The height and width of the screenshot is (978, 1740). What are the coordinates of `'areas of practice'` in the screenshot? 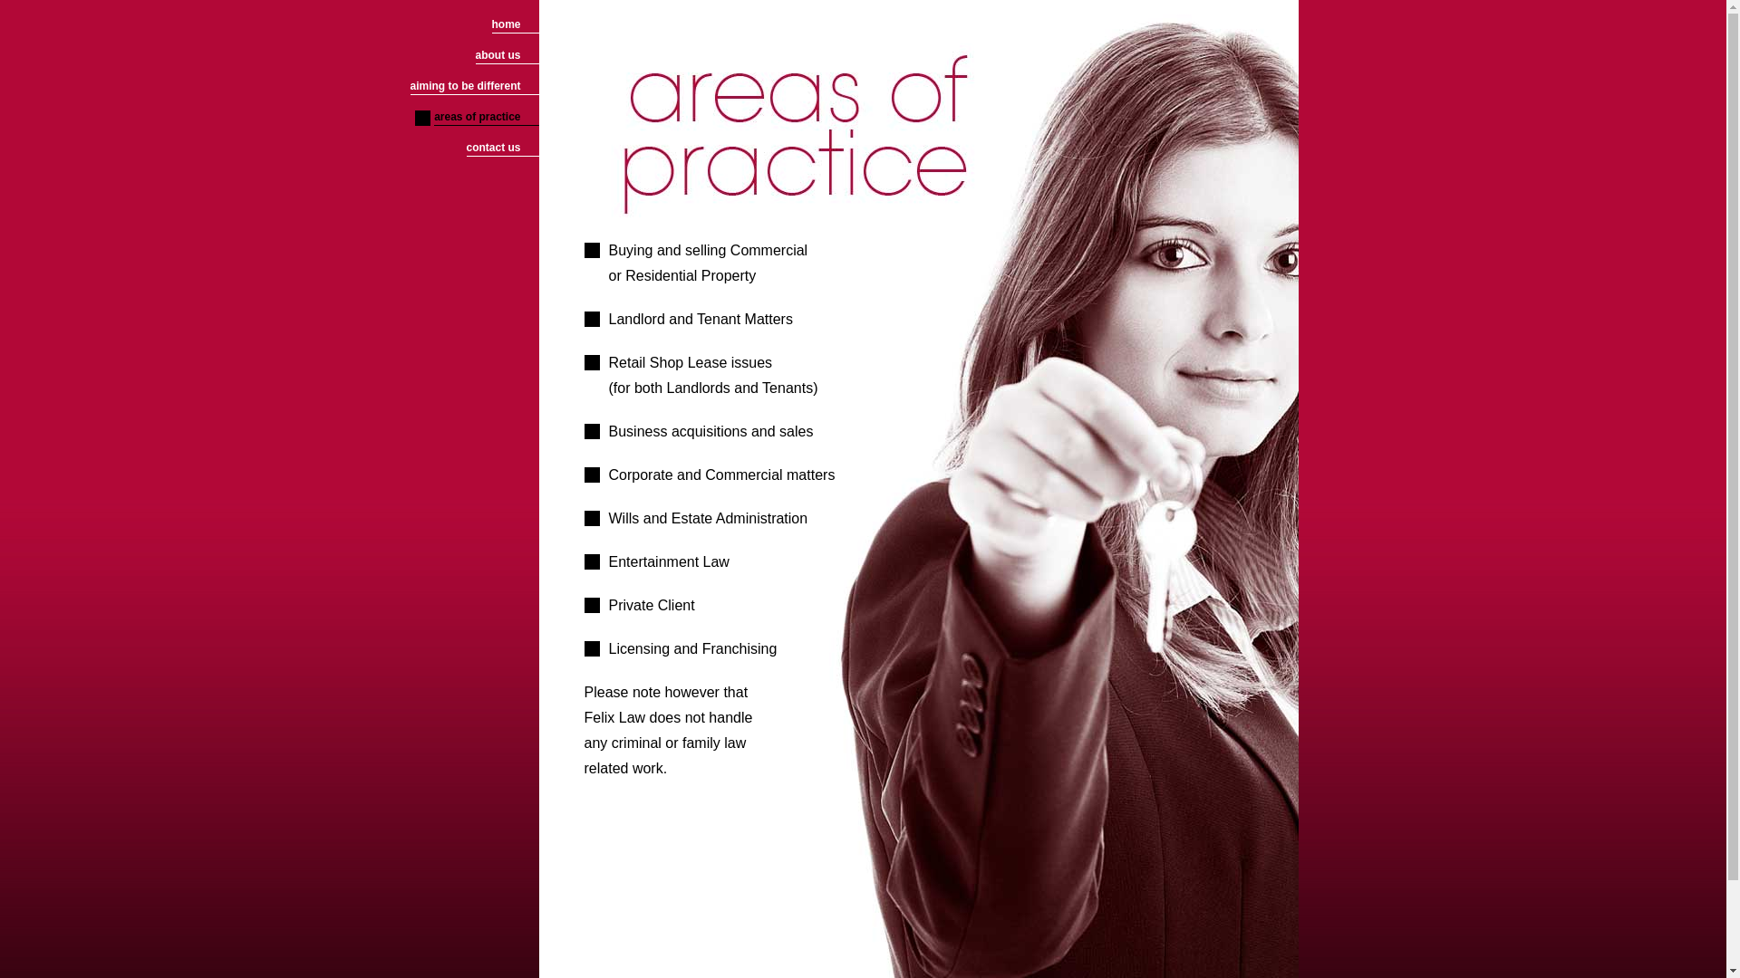 It's located at (486, 118).